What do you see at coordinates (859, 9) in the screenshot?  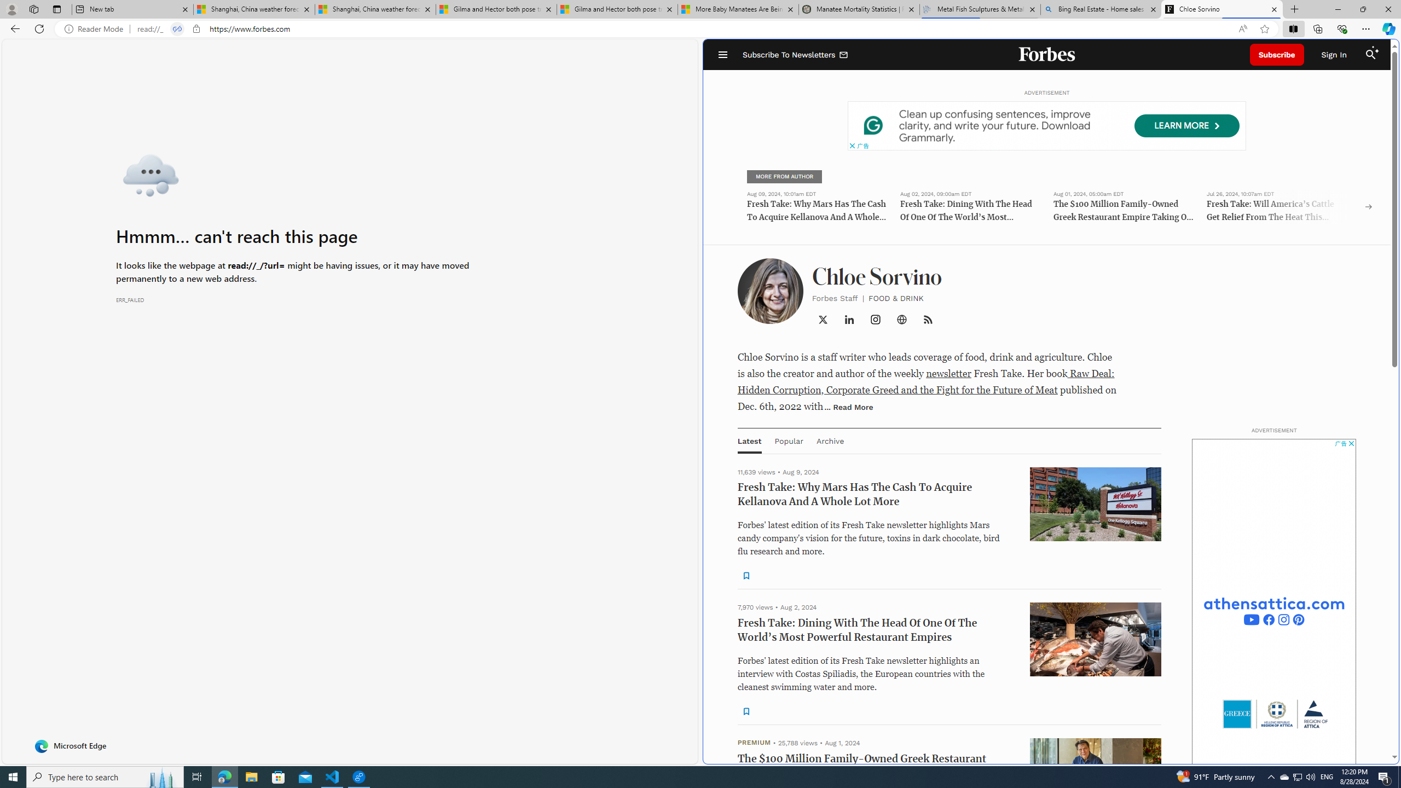 I see `'Manatee Mortality Statistics | FWC'` at bounding box center [859, 9].